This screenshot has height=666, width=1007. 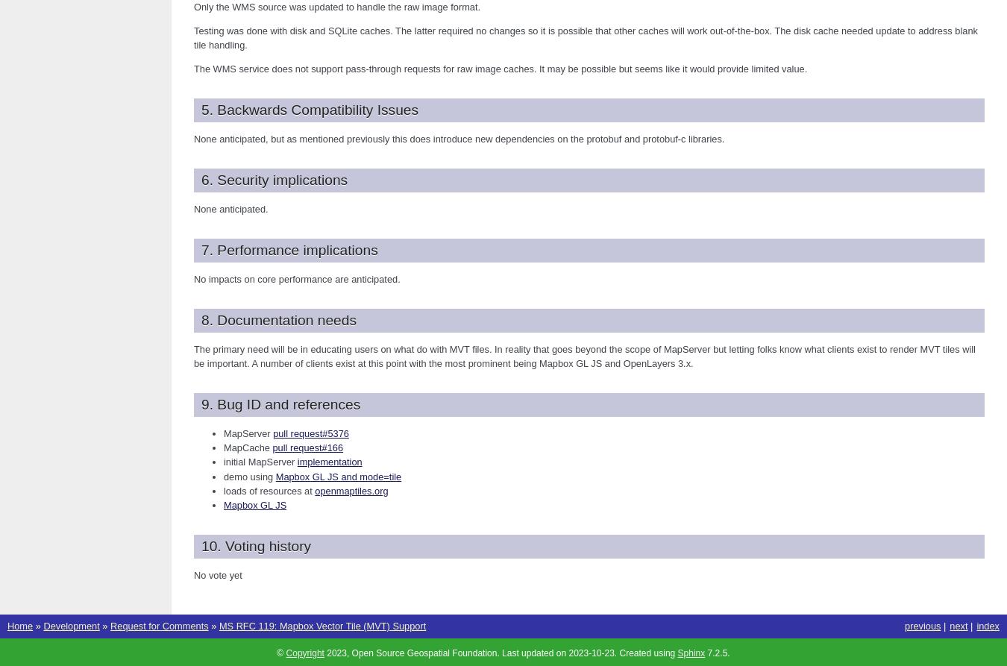 What do you see at coordinates (248, 476) in the screenshot?
I see `'demo using'` at bounding box center [248, 476].